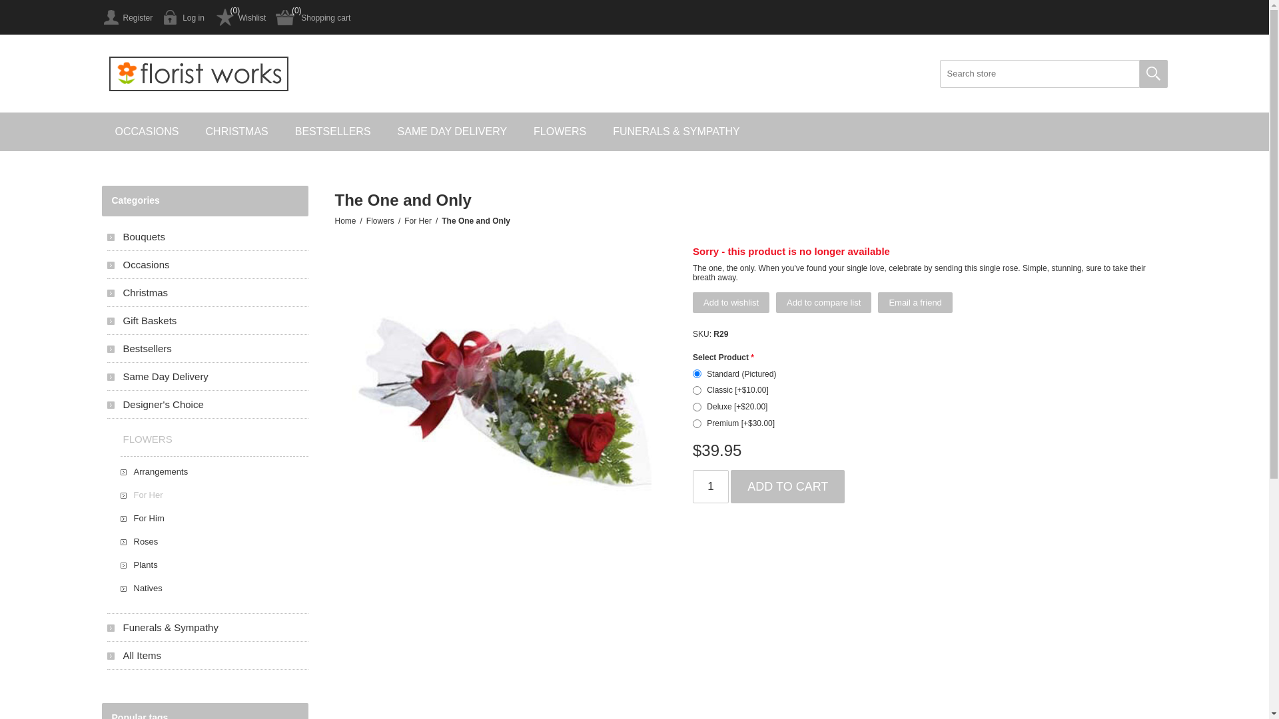  Describe the element at coordinates (183, 17) in the screenshot. I see `'Log in'` at that location.